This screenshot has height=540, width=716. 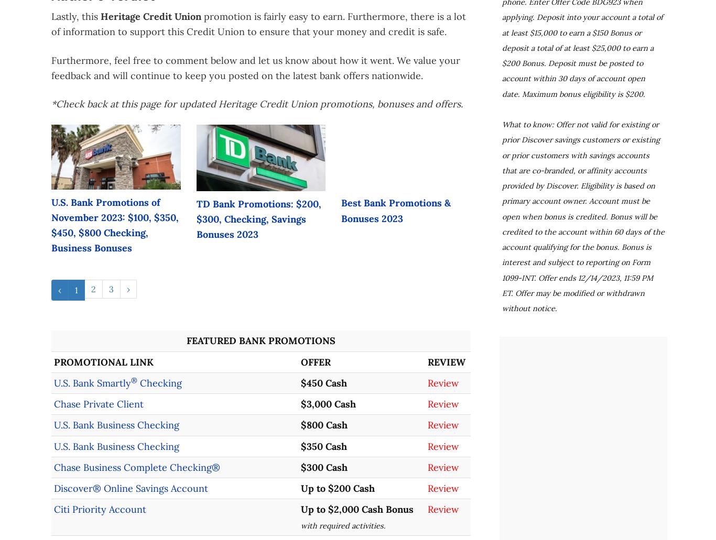 I want to click on 'Lastly, this', so click(x=75, y=16).